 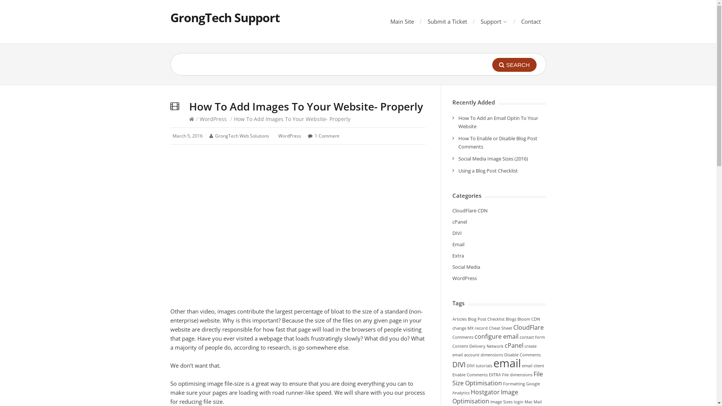 I want to click on 'Blogs', so click(x=505, y=319).